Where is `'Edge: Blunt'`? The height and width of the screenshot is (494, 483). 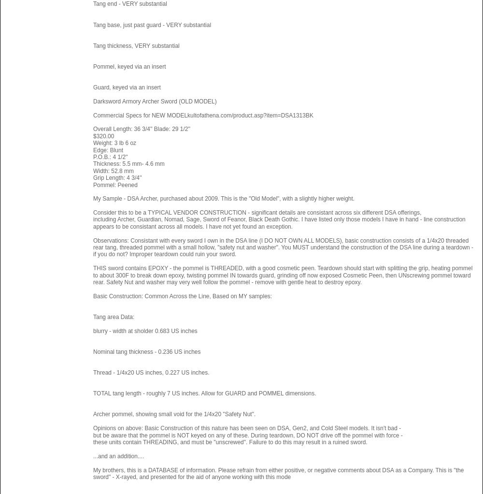
'Edge: Blunt' is located at coordinates (107, 149).